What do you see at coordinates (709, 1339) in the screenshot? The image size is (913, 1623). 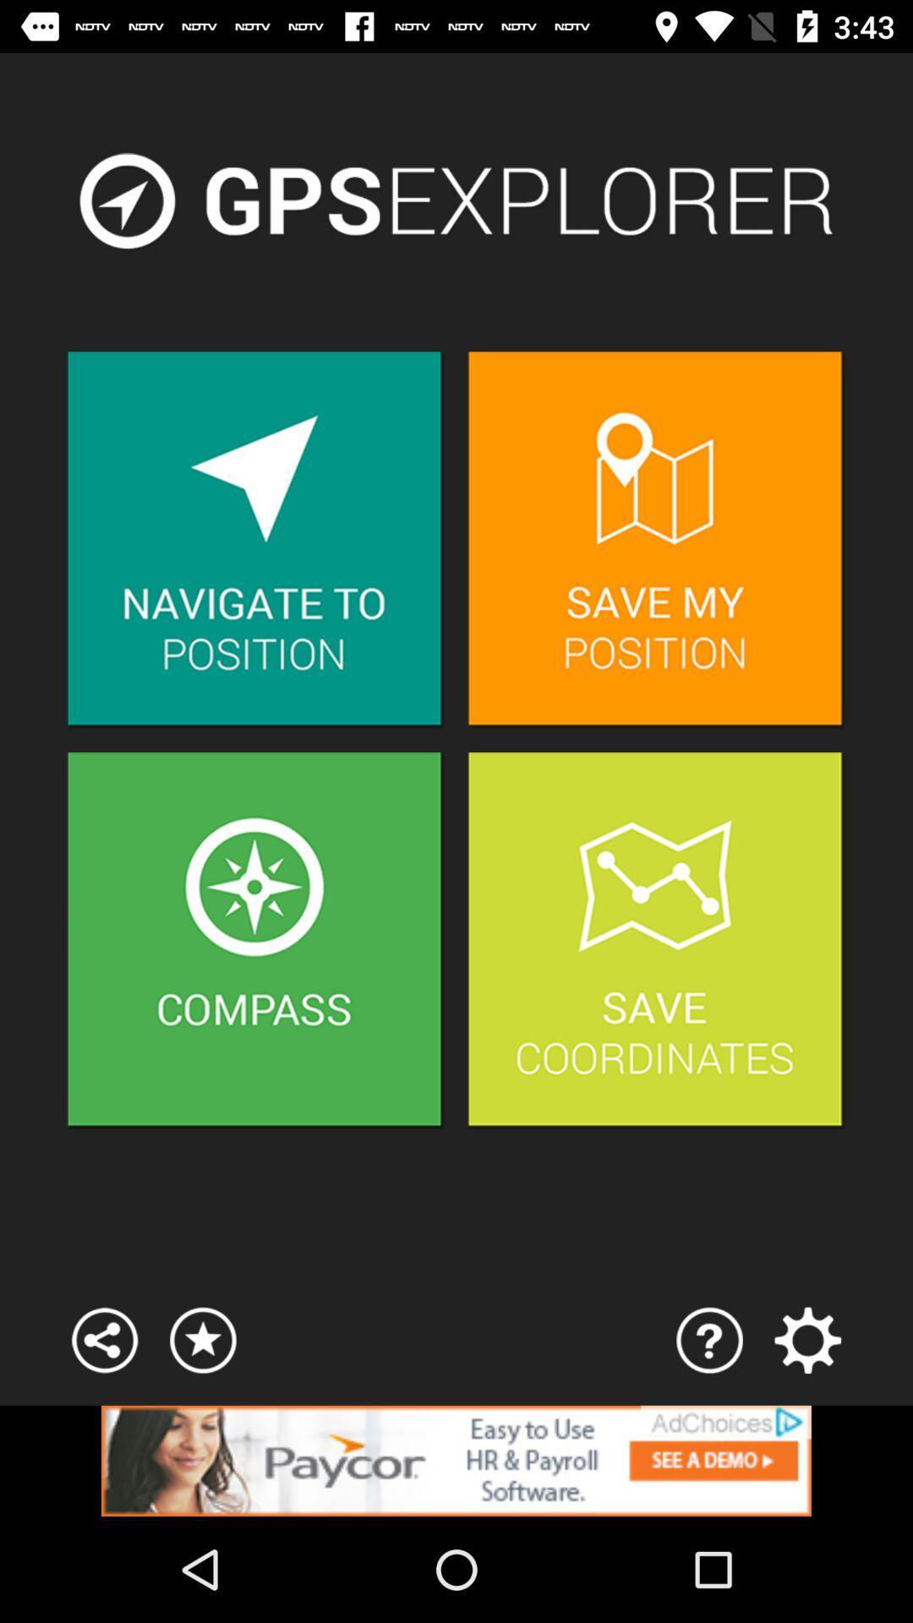 I see `help` at bounding box center [709, 1339].